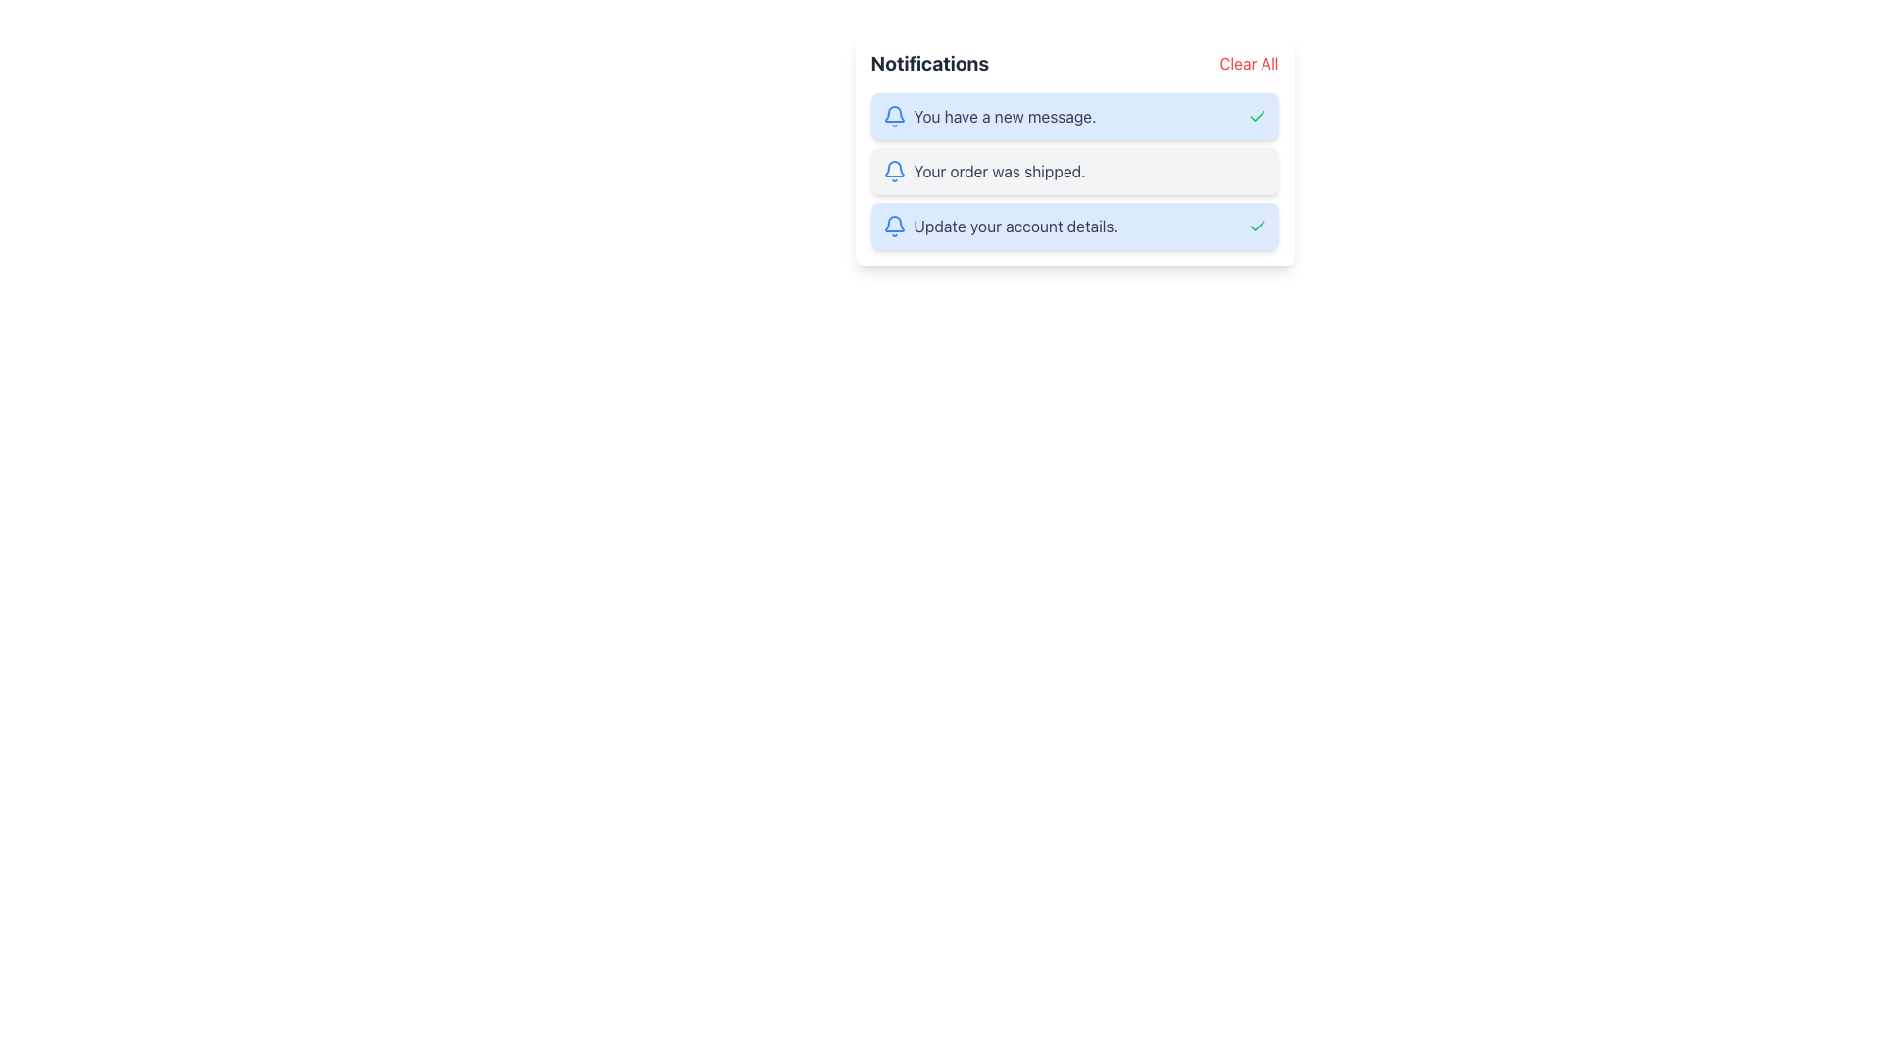  Describe the element at coordinates (983, 170) in the screenshot. I see `the notification element containing the bell icon and the text 'Your order was shipped.', which is the second item in a vertical list of notifications` at that location.